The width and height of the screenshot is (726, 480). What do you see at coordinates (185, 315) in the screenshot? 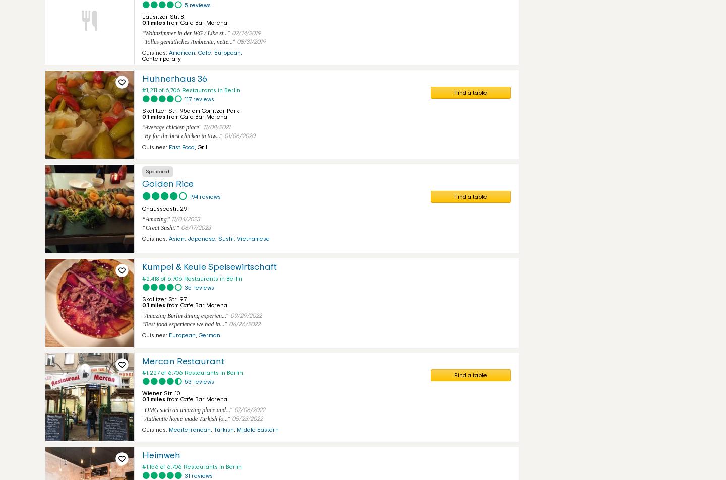
I see `'Amazing Berlin dining experien...'` at bounding box center [185, 315].